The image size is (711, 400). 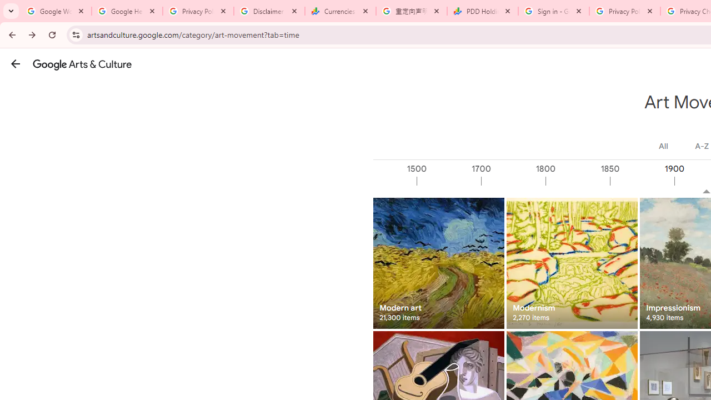 What do you see at coordinates (438, 263) in the screenshot?
I see `'Modern art 21,300 items'` at bounding box center [438, 263].